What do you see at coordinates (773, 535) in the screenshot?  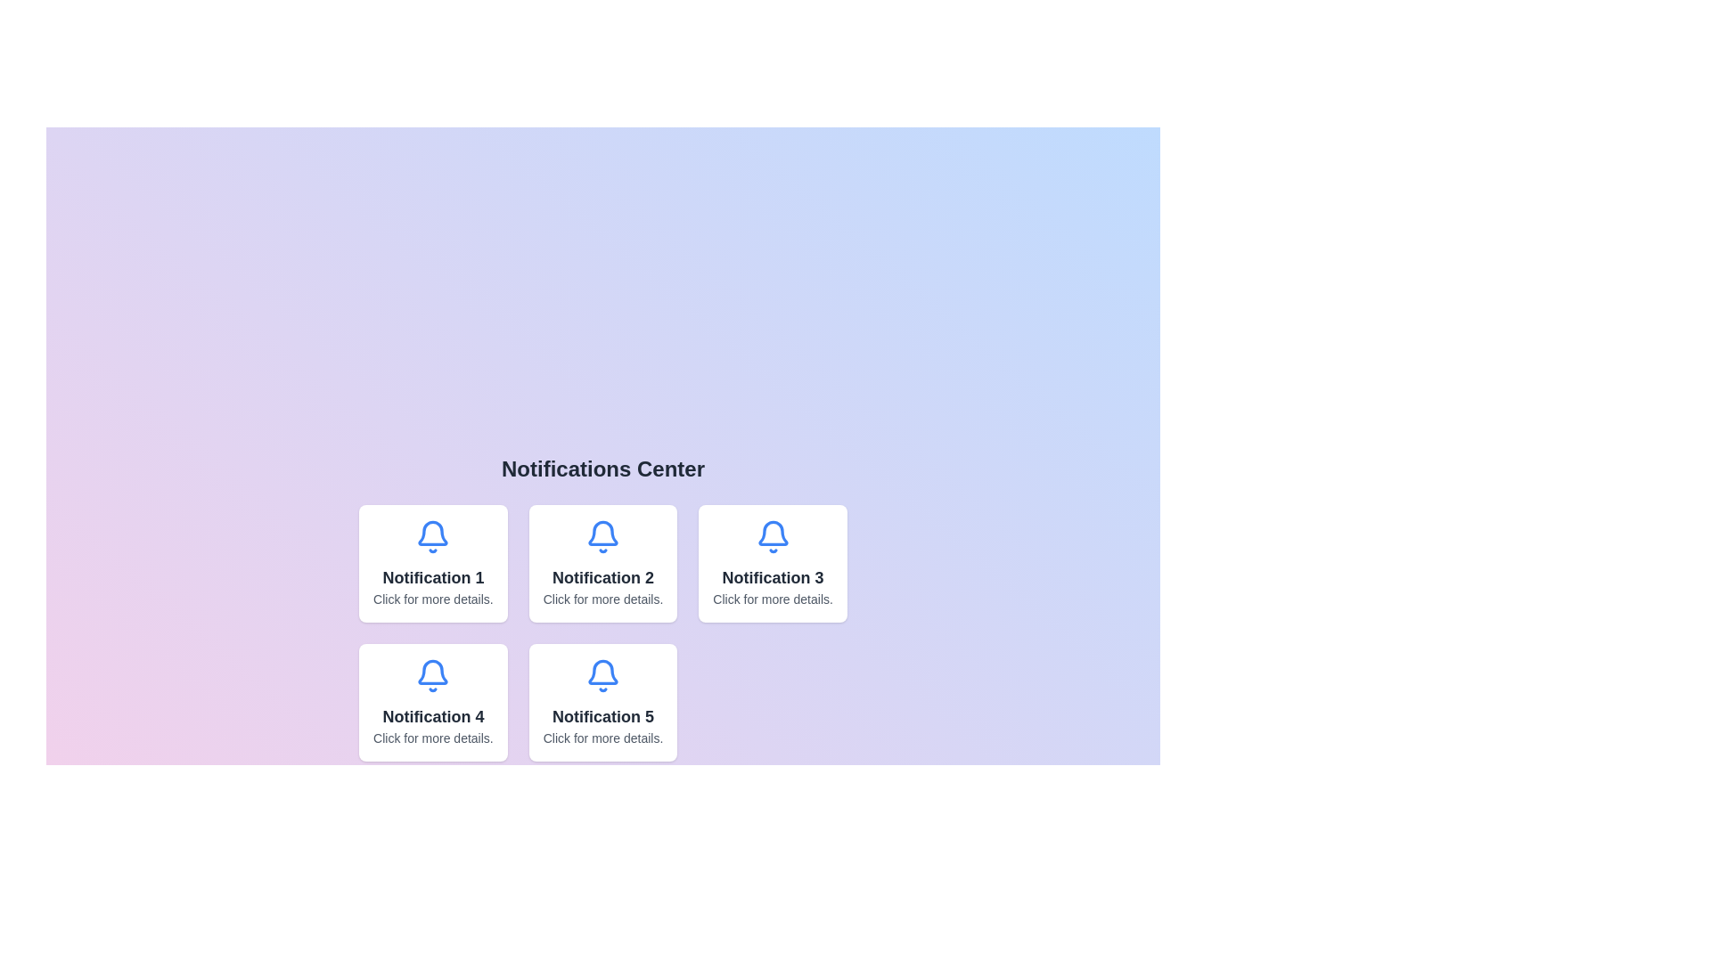 I see `the notification icon located inside the card labeled 'Notification 3', which is the third card in the top row of a grid of notification cards` at bounding box center [773, 535].